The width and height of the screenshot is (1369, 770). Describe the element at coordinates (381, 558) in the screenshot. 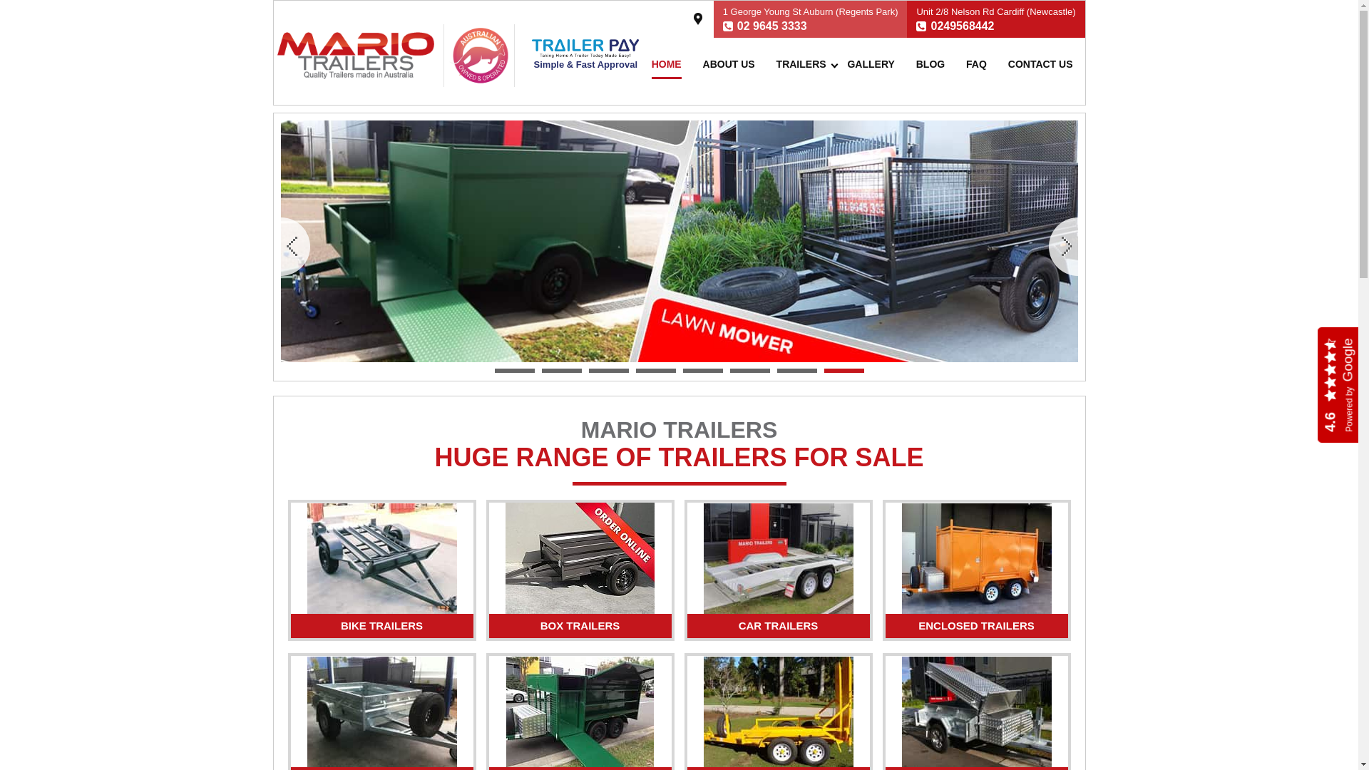

I see `'Bike Trailers'` at that location.